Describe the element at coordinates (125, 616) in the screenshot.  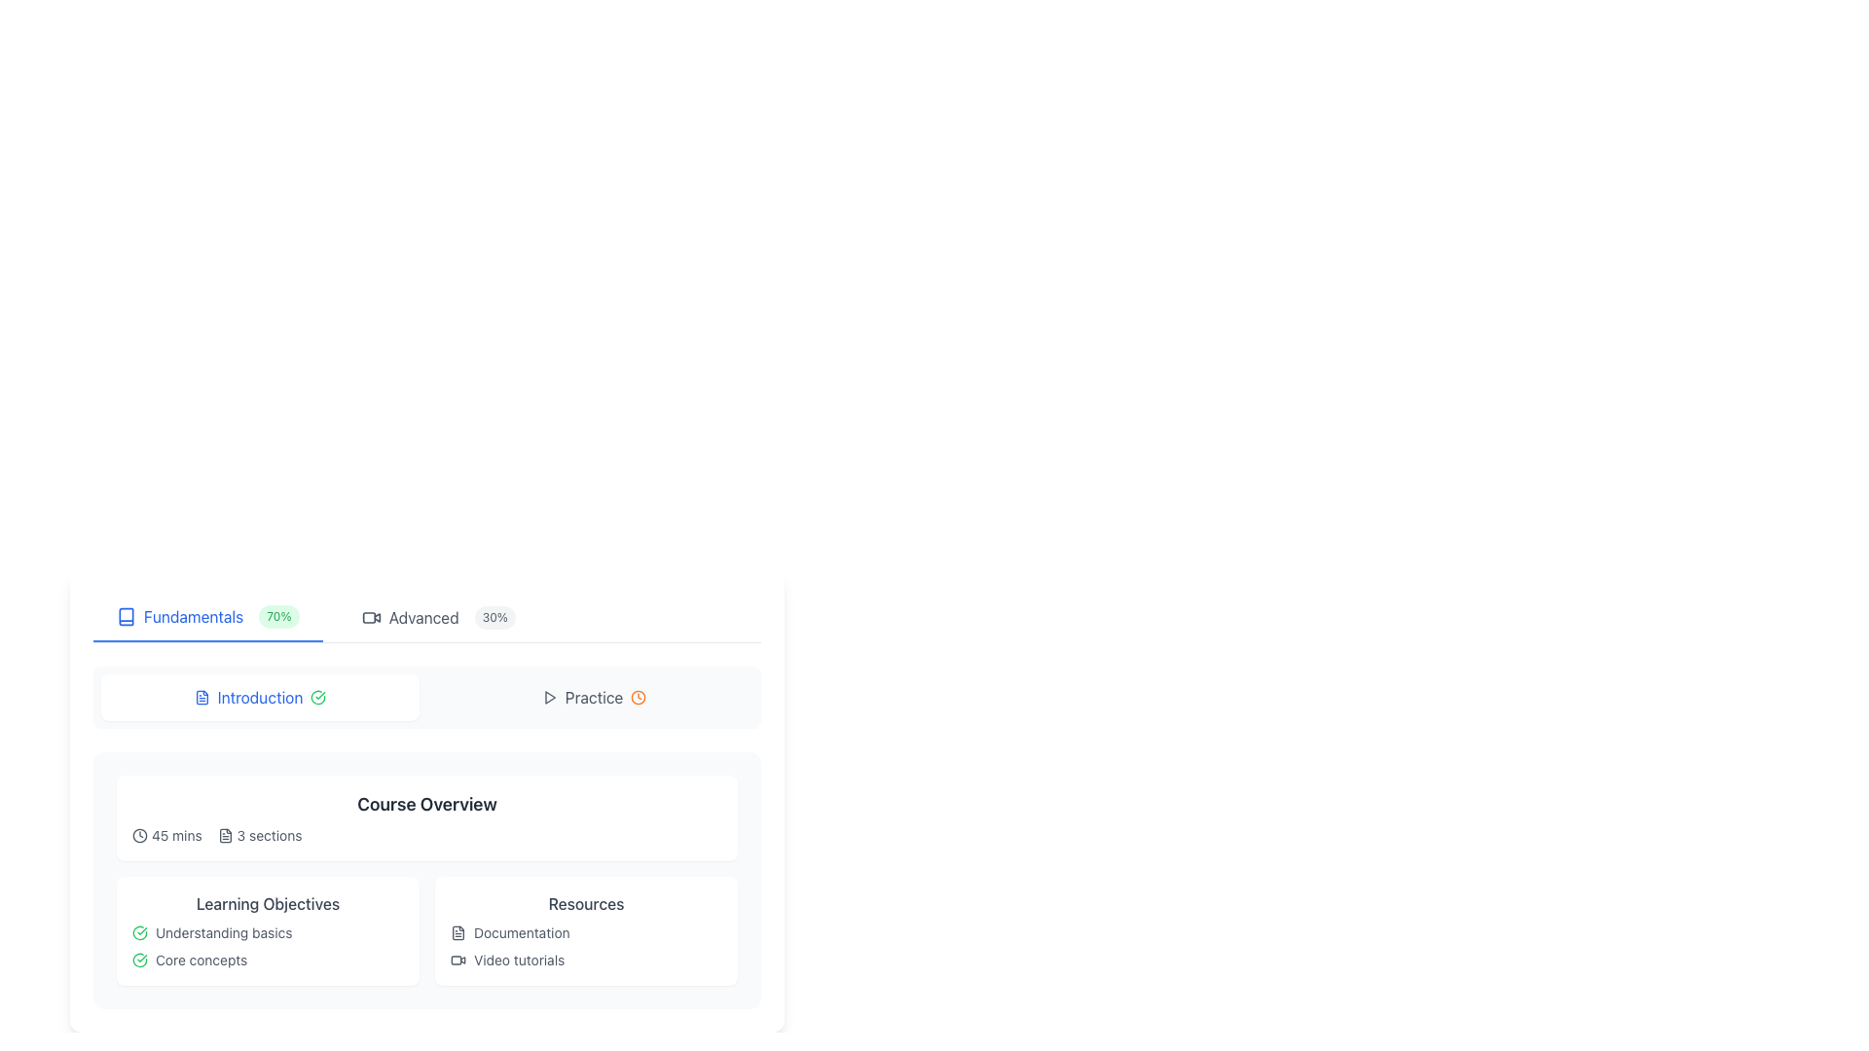
I see `the 'Fundamentals' icon located at the top-left corner of the interface` at that location.